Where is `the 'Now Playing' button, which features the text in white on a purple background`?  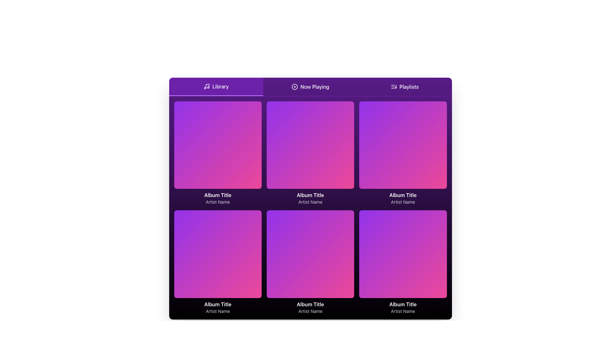
the 'Now Playing' button, which features the text in white on a purple background is located at coordinates (310, 87).